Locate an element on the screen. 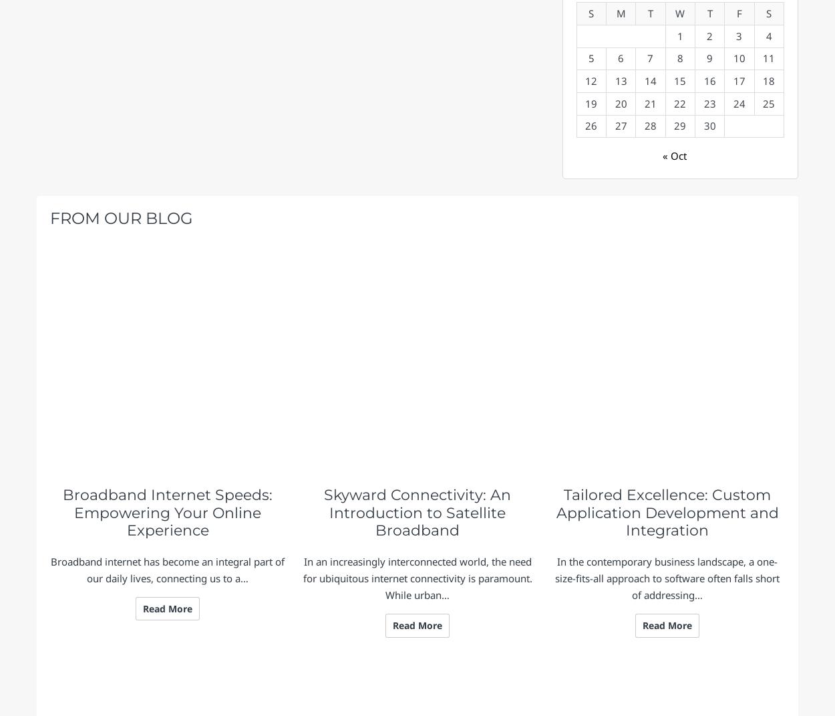 The height and width of the screenshot is (716, 835). '14' is located at coordinates (649, 81).